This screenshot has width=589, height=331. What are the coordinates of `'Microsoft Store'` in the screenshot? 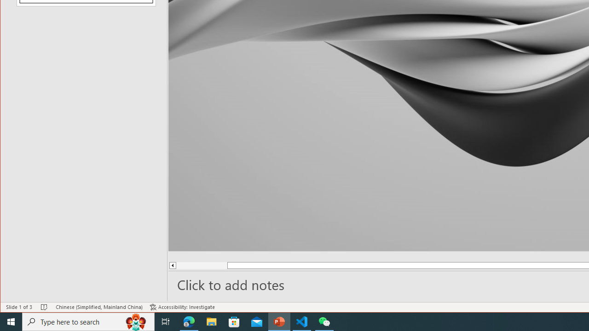 It's located at (234, 321).